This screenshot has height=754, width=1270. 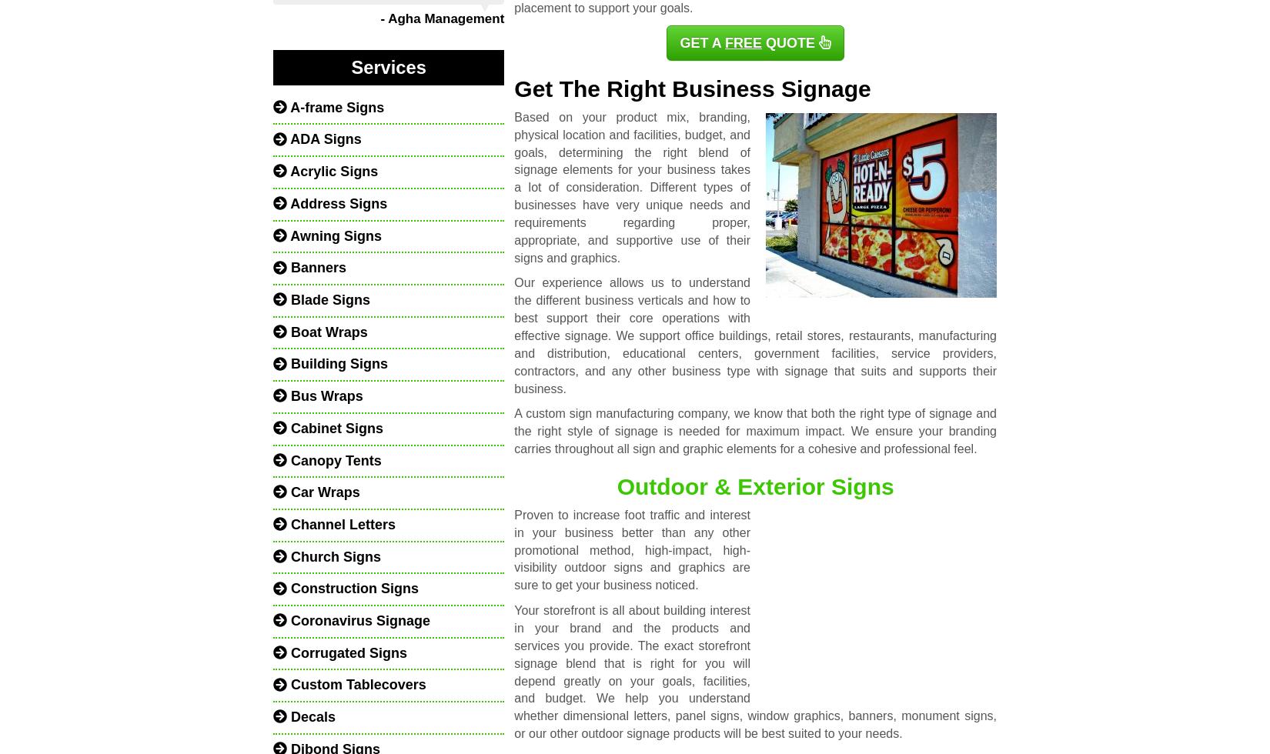 What do you see at coordinates (702, 42) in the screenshot?
I see `'GET A'` at bounding box center [702, 42].